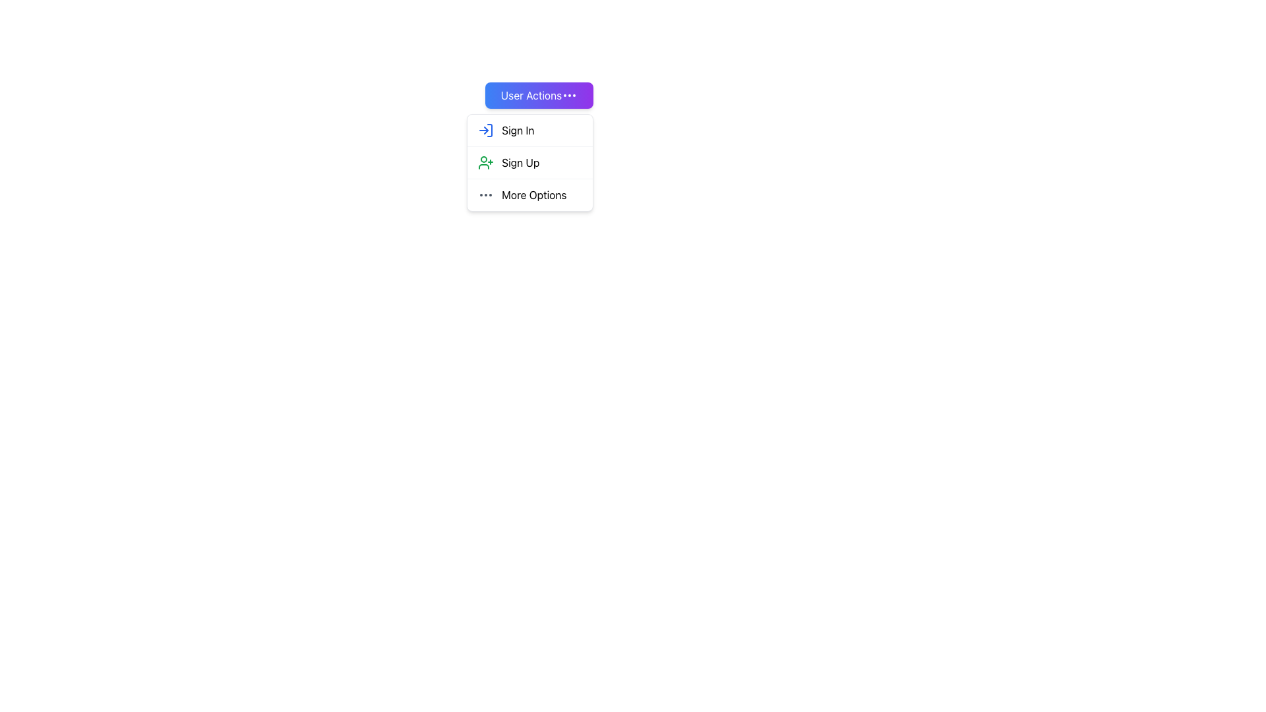 The height and width of the screenshot is (712, 1266). What do you see at coordinates (530, 162) in the screenshot?
I see `the 'Sign Up' menu item, which is the second item in the menu list located directly below the 'Sign In' option` at bounding box center [530, 162].